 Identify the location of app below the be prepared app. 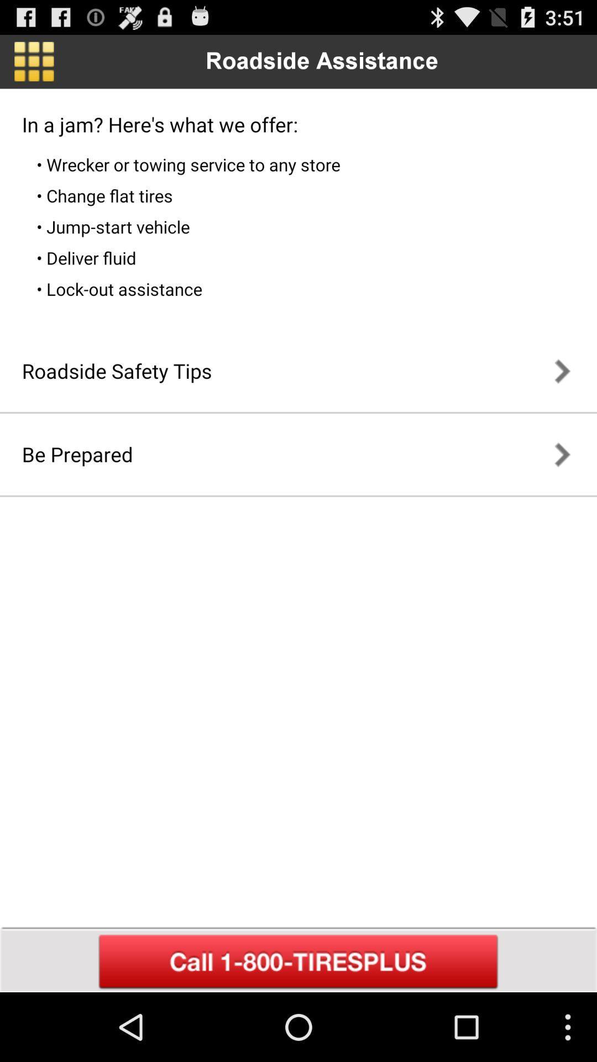
(298, 961).